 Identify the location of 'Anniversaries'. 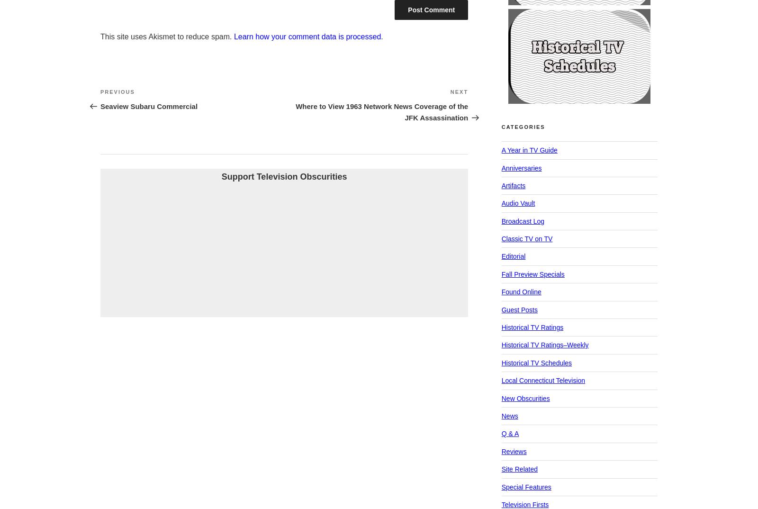
(521, 167).